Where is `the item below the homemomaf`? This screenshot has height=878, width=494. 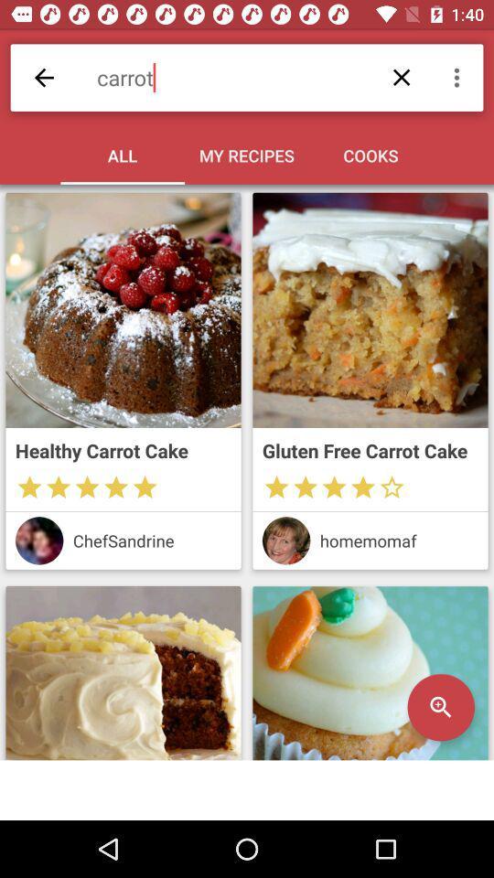
the item below the homemomaf is located at coordinates (440, 706).